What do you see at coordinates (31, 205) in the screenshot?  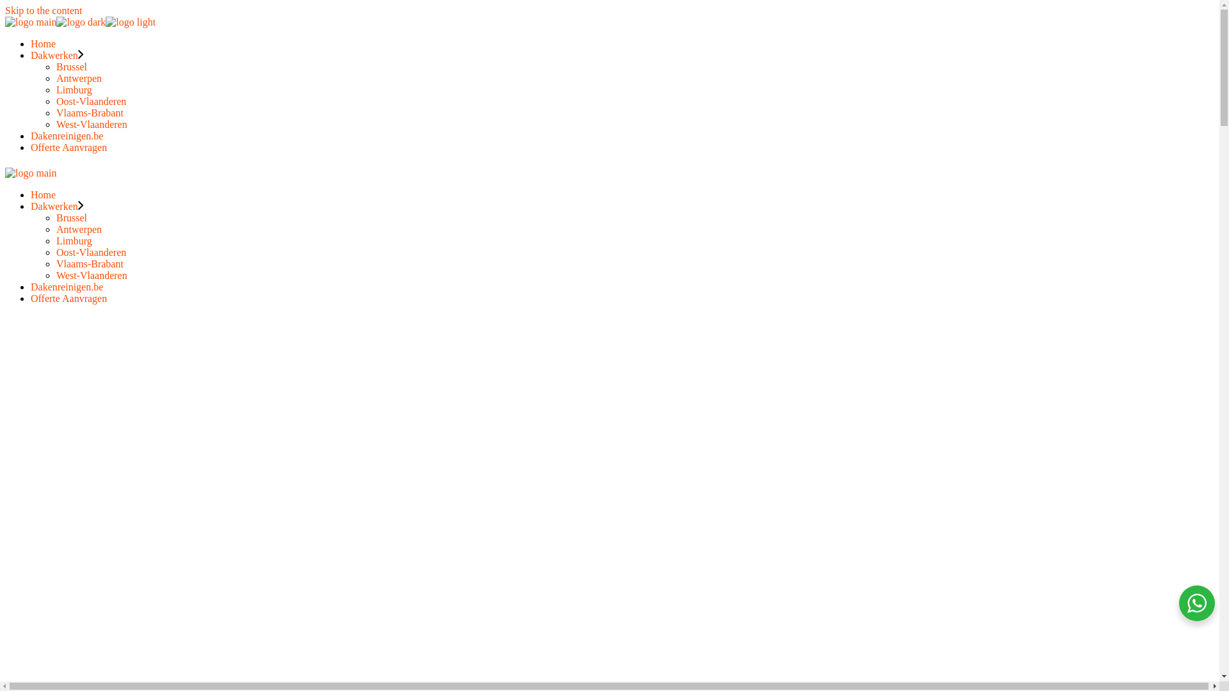 I see `'Dakwerken'` at bounding box center [31, 205].